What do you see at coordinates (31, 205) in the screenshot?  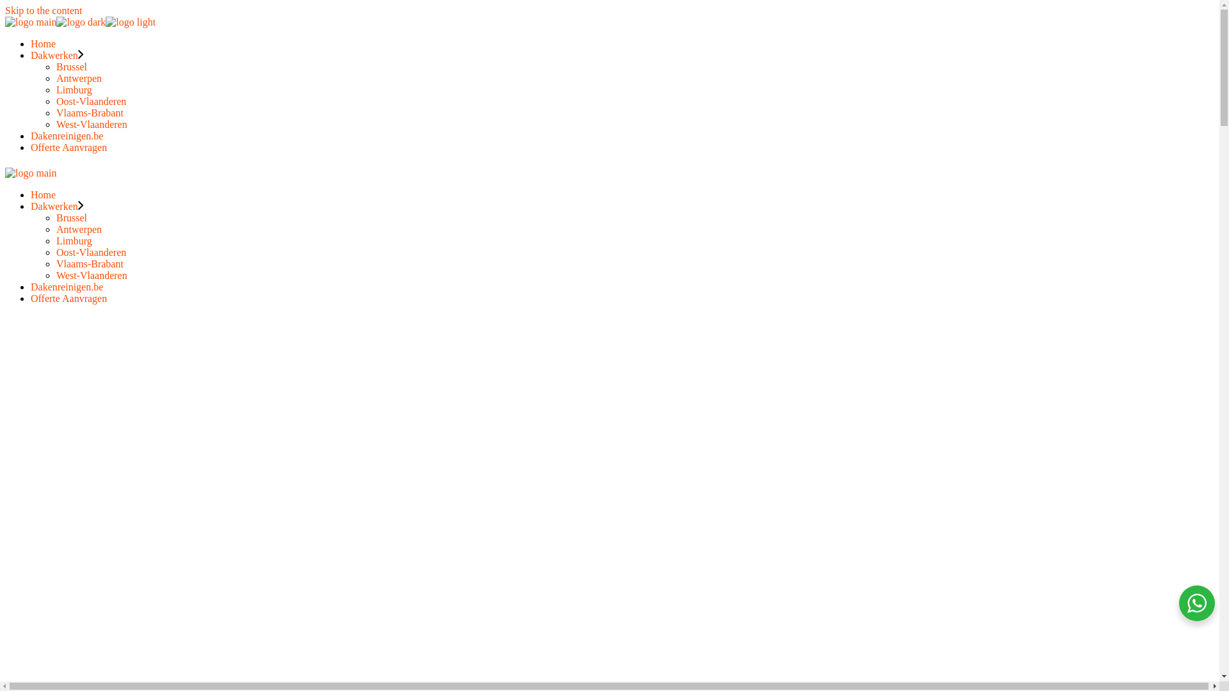 I see `'Dakwerken'` at bounding box center [31, 205].